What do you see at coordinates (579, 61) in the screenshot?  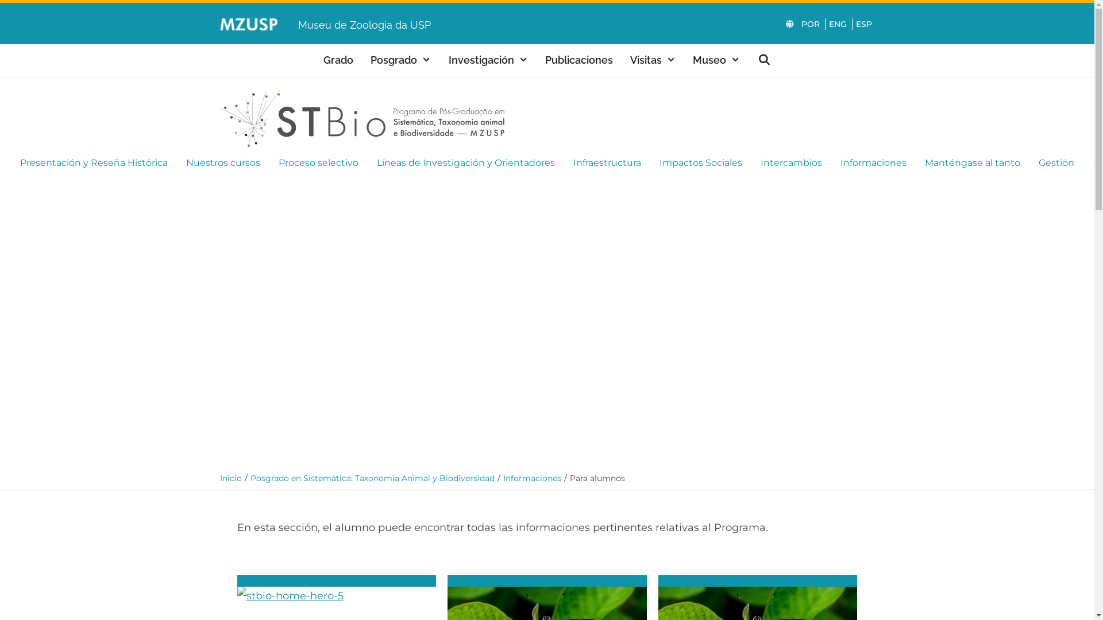 I see `'Publicaciones'` at bounding box center [579, 61].